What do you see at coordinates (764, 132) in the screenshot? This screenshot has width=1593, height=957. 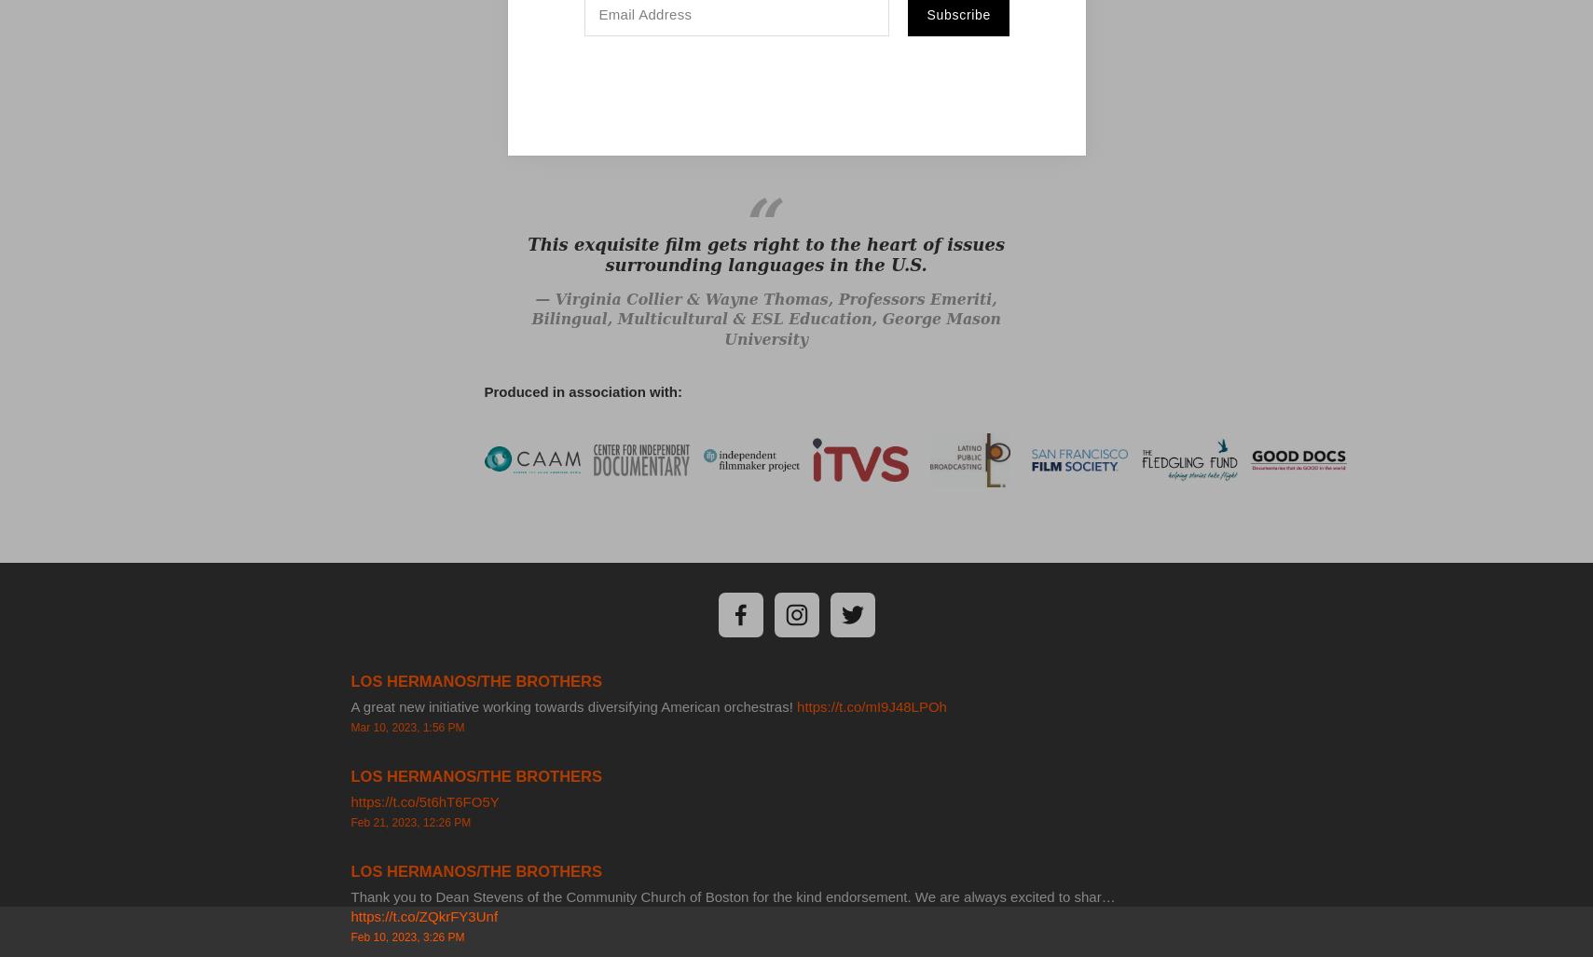 I see `'— Westy Egmont, National Immigrant Integration Conference'` at bounding box center [764, 132].